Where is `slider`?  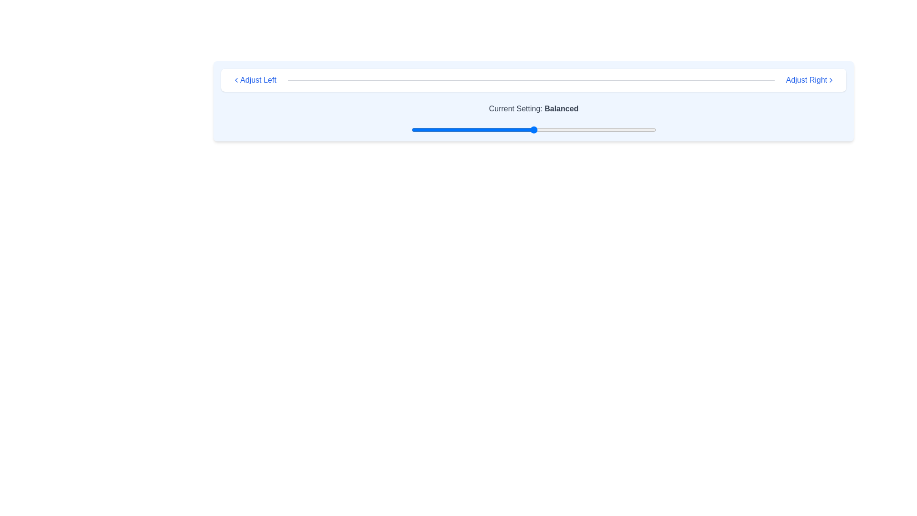 slider is located at coordinates (463, 130).